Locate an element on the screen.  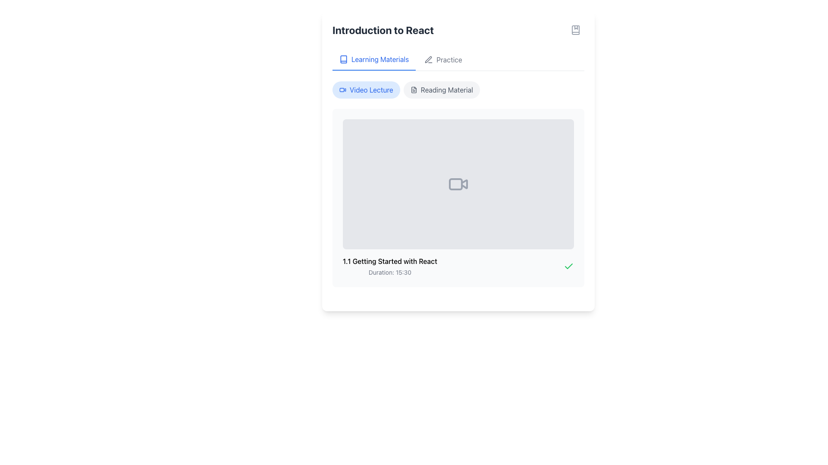
the checkmark icon located in the bottom right region of the video lecture card, indicating completion or selection is located at coordinates (569, 265).